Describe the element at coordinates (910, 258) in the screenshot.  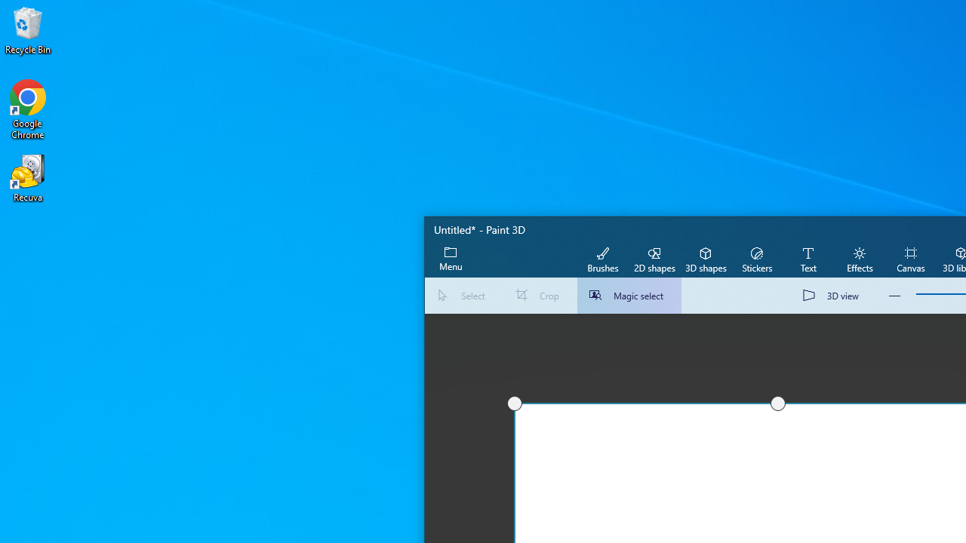
I see `'Canvas'` at that location.